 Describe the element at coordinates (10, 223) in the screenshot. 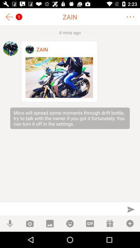

I see `mic button` at that location.